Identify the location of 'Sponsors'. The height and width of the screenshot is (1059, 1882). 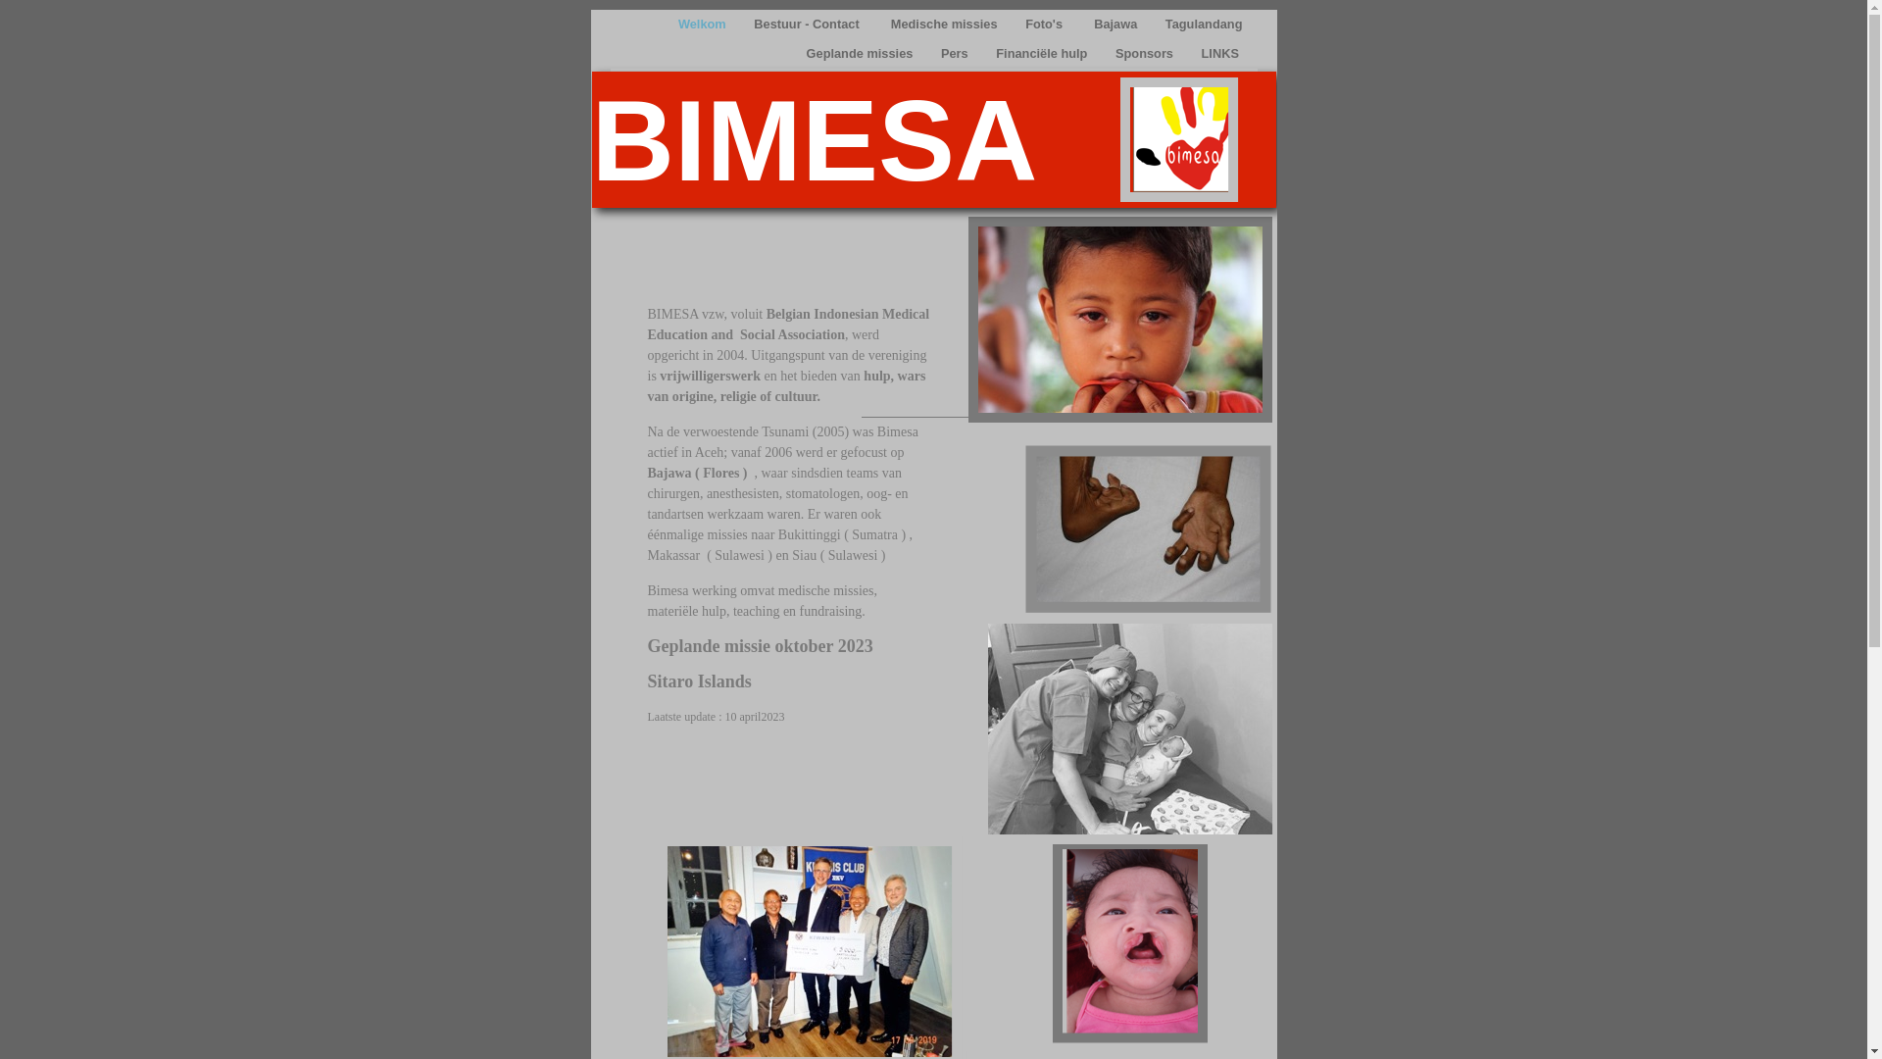
(1146, 52).